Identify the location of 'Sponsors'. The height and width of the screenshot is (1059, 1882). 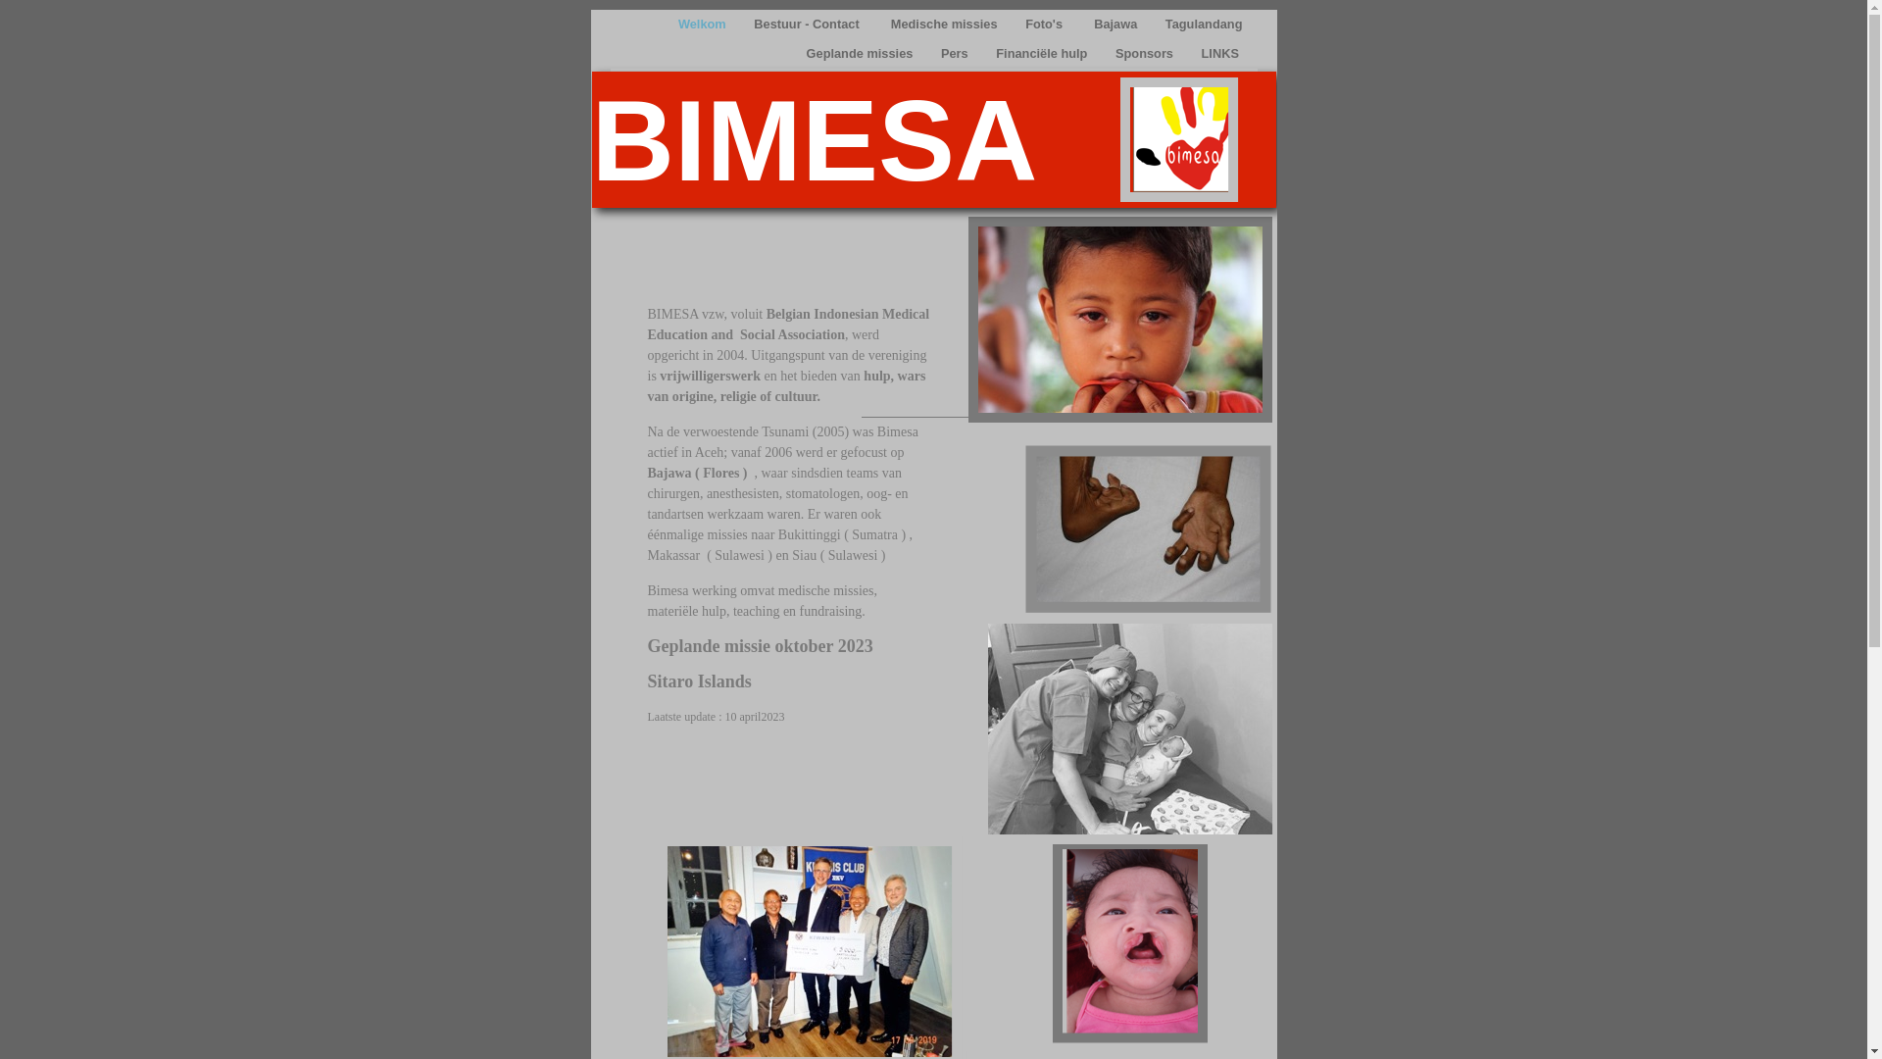
(1146, 52).